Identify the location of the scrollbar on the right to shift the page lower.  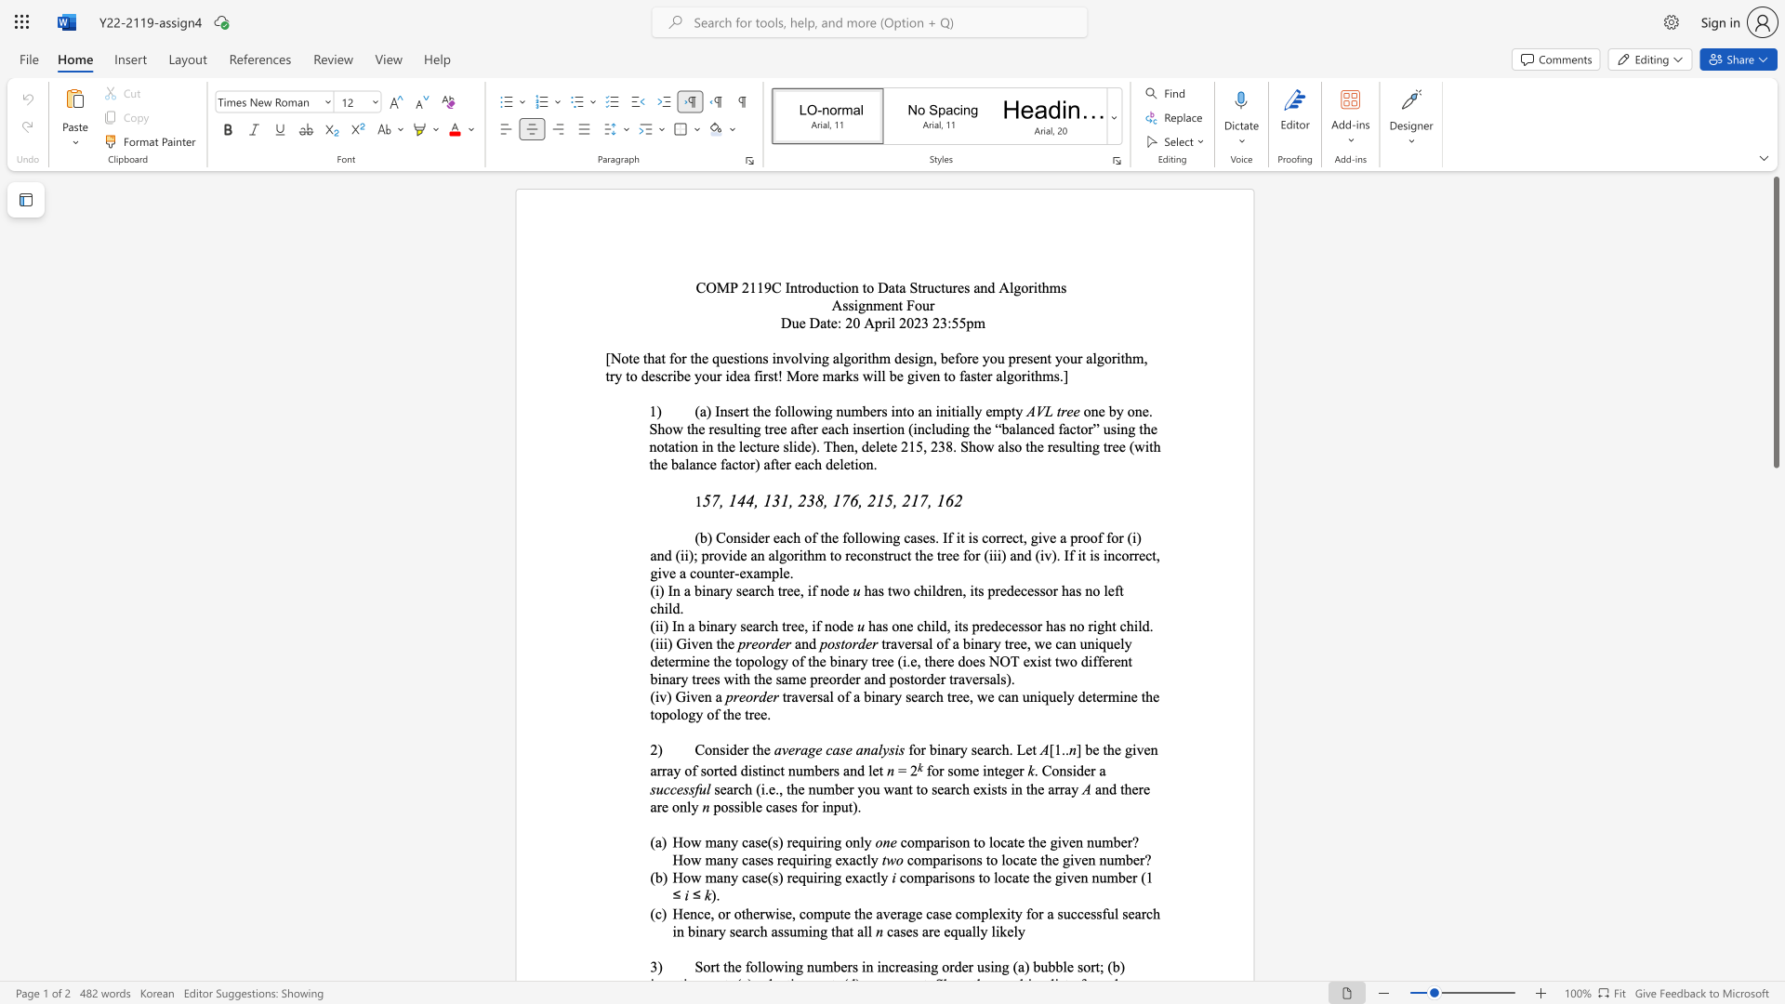
(1775, 900).